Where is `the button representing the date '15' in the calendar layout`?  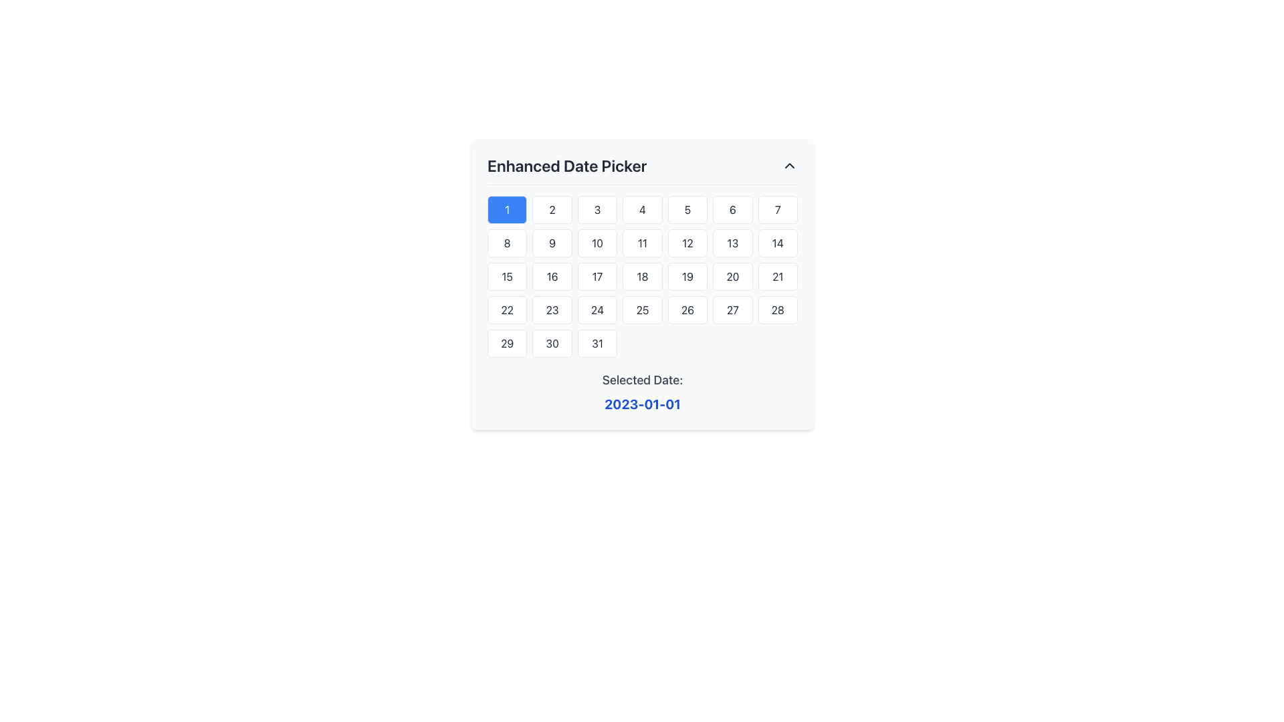 the button representing the date '15' in the calendar layout is located at coordinates (506, 275).